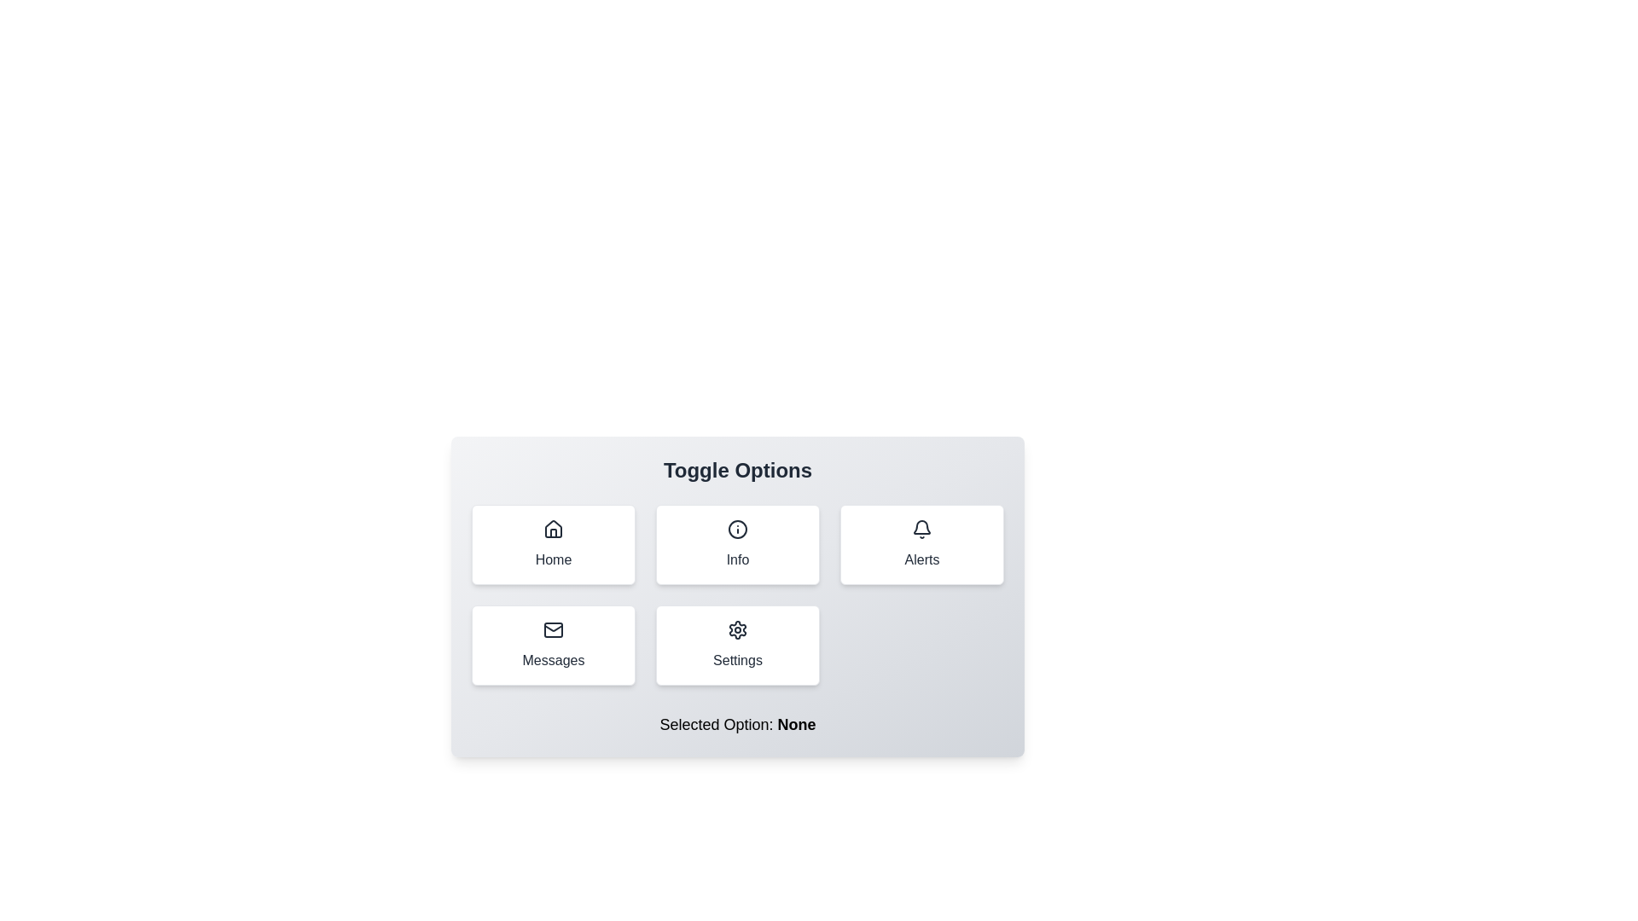  Describe the element at coordinates (553, 529) in the screenshot. I see `the minimalistic house icon, which is part of the 'Home' section, located above the 'Home' text within its card` at that location.